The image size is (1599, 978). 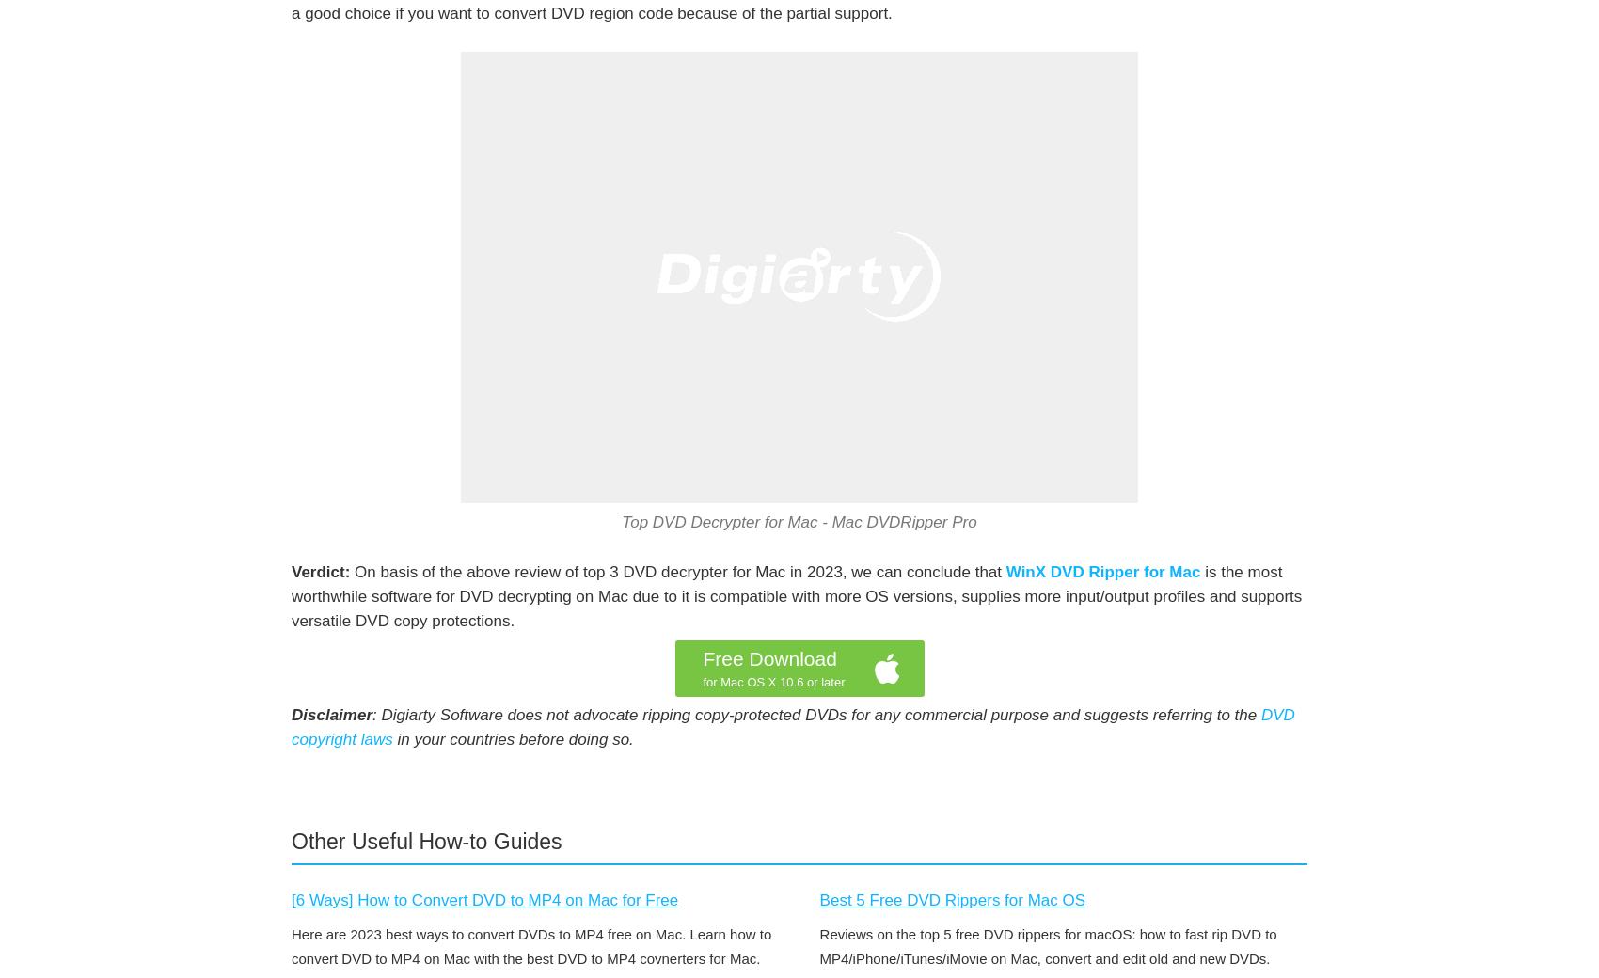 I want to click on 'Top DVD Decrypter for Mac - Mac DVDRipper Pro', so click(x=798, y=521).